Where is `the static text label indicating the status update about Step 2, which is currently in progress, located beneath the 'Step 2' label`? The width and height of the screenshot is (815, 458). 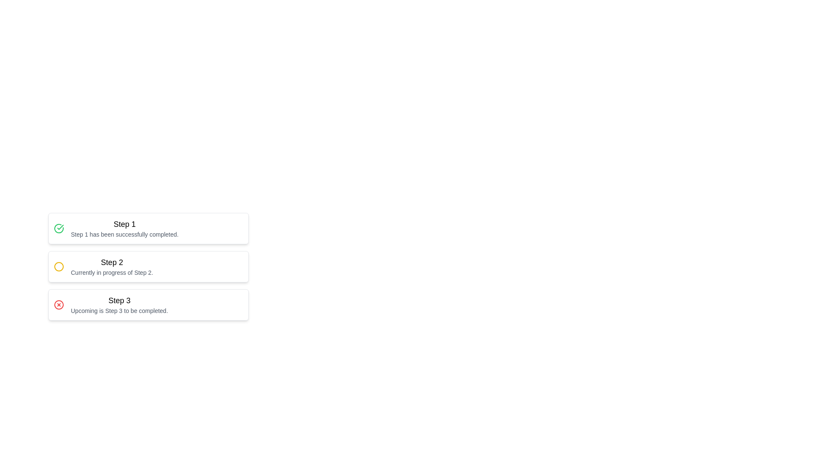 the static text label indicating the status update about Step 2, which is currently in progress, located beneath the 'Step 2' label is located at coordinates (111, 273).